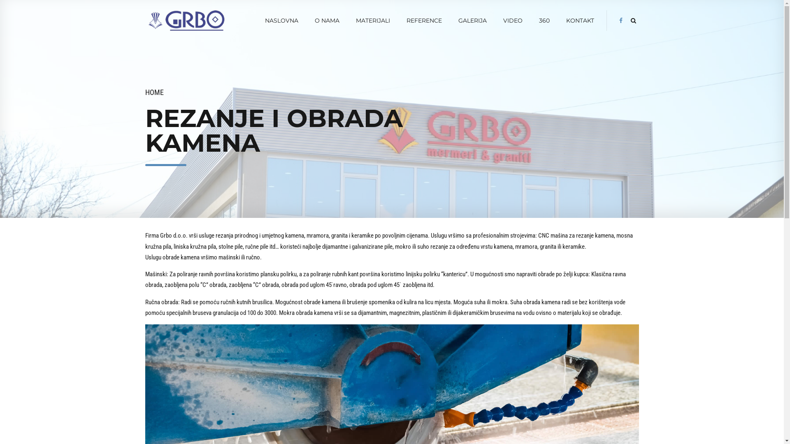  Describe the element at coordinates (512, 20) in the screenshot. I see `'VIDEO'` at that location.